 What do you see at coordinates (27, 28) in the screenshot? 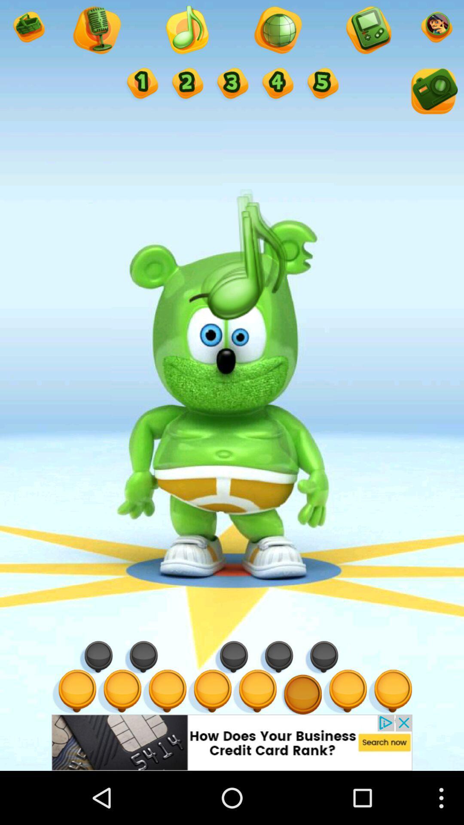
I see `open shop` at bounding box center [27, 28].